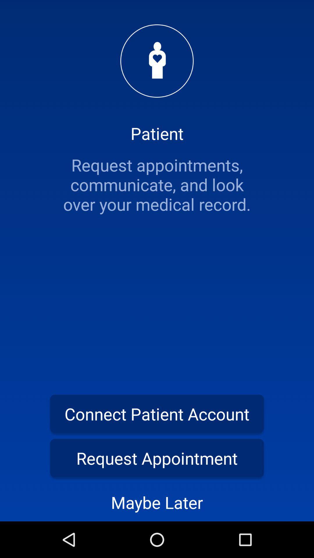 This screenshot has height=558, width=314. I want to click on the request appointment, so click(157, 458).